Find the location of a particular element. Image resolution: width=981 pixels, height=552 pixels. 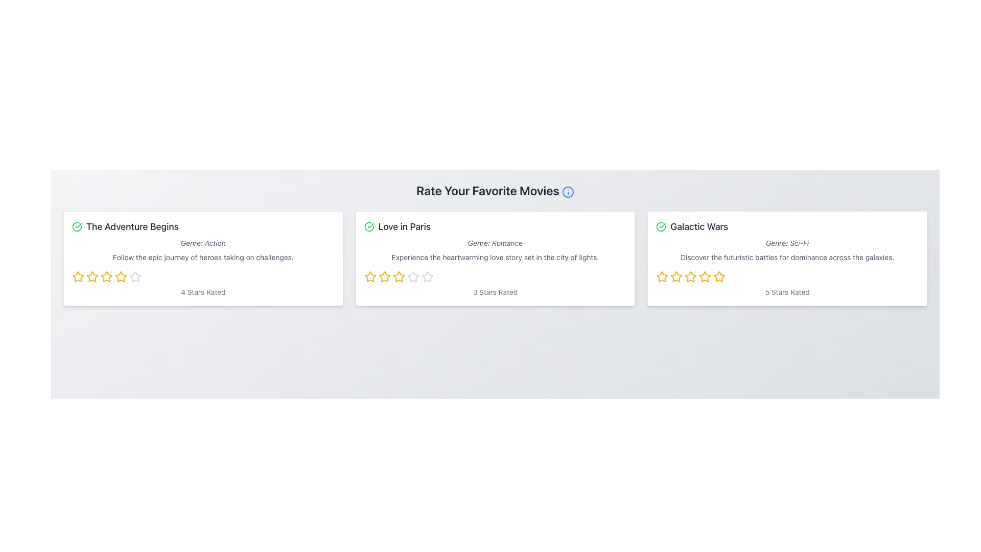

the state of the green outlined circular icon with a checkmark inside it, located to the left of the text 'Galactic Wars' is located at coordinates (661, 226).